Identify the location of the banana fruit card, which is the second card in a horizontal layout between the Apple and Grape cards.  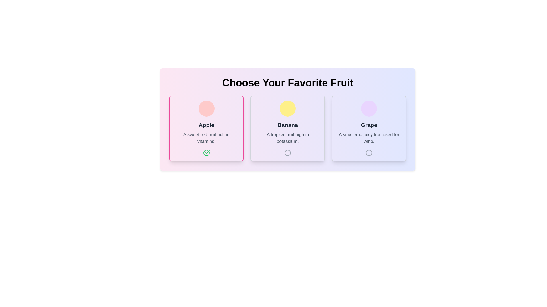
(287, 128).